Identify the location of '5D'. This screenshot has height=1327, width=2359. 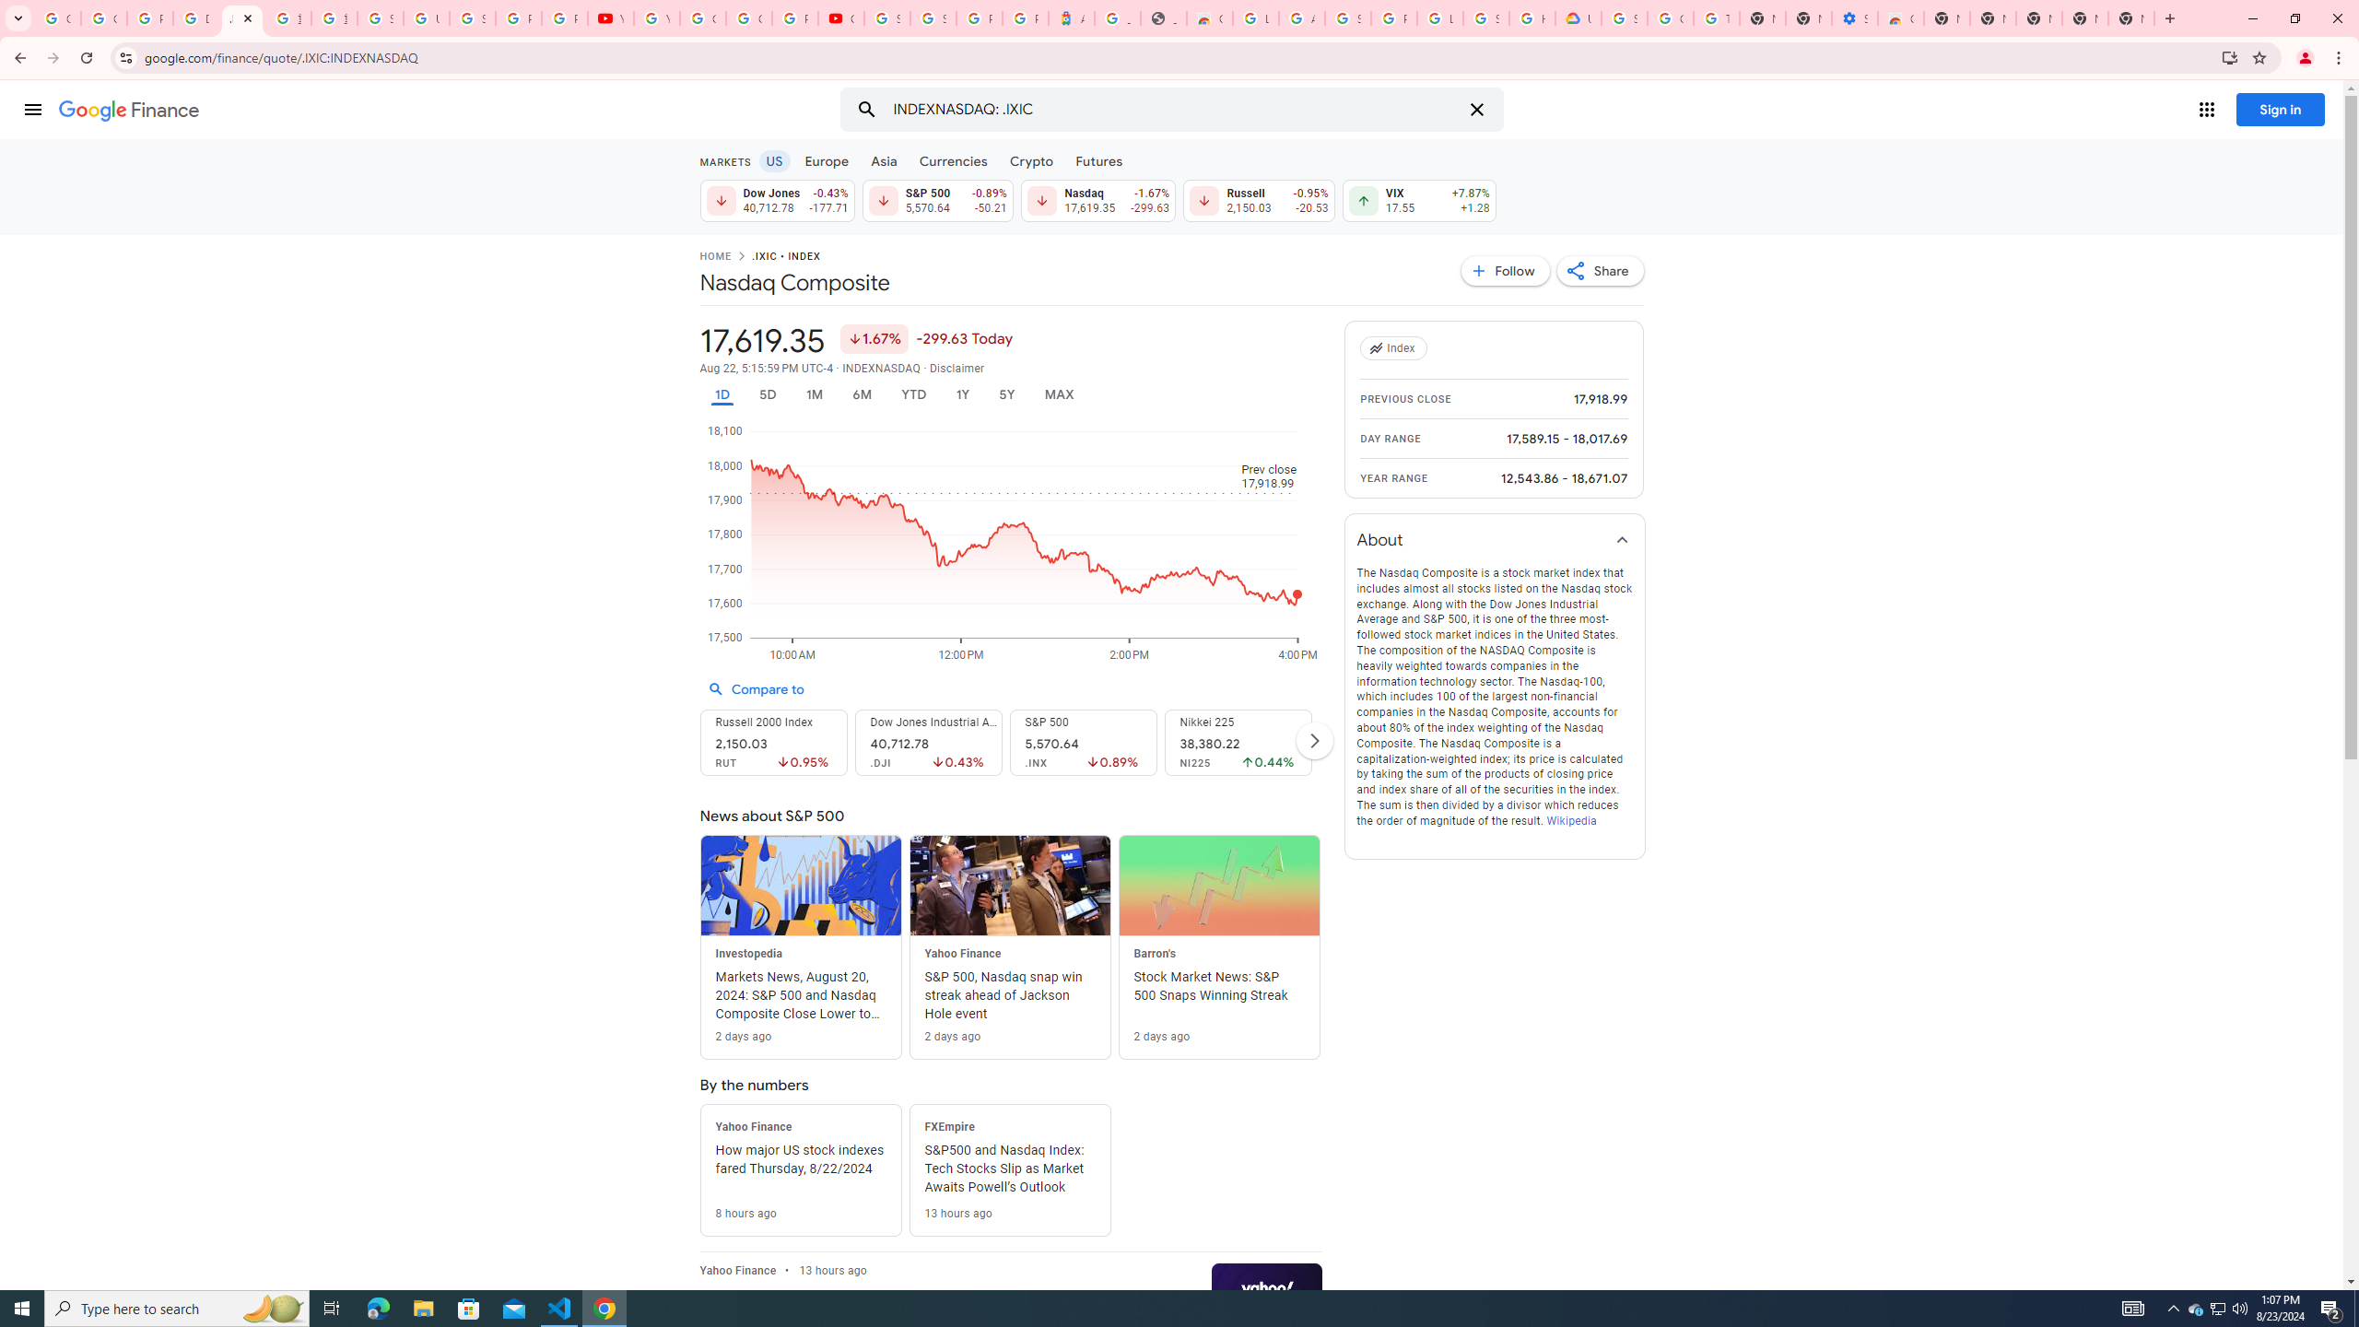
(767, 394).